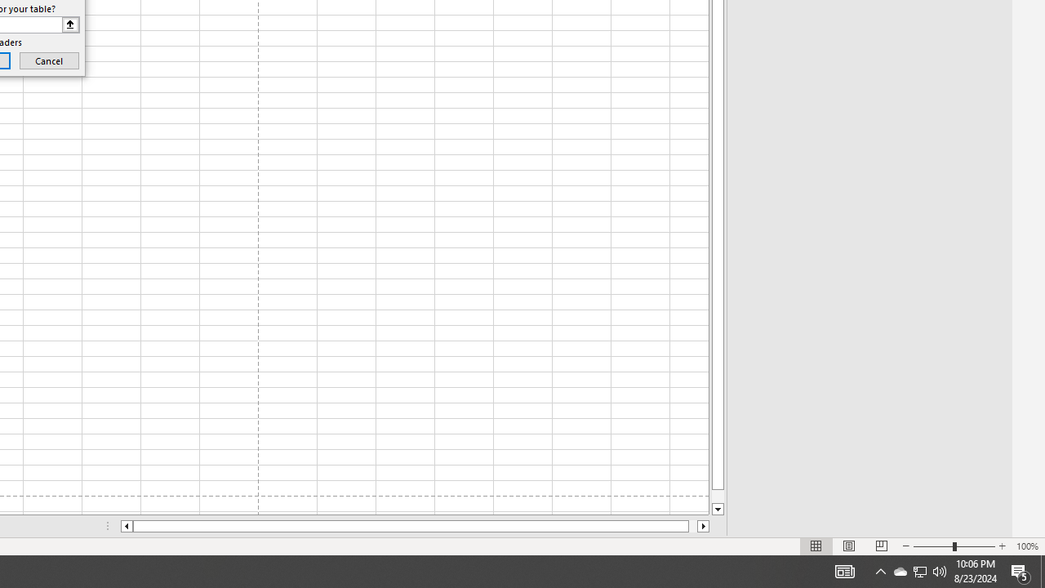 This screenshot has width=1045, height=588. What do you see at coordinates (718, 496) in the screenshot?
I see `'Page down'` at bounding box center [718, 496].